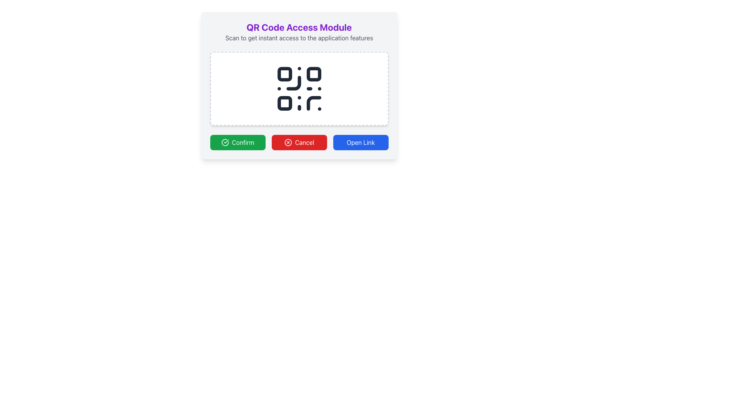  I want to click on informational text block titled 'QR Code Access Module' that has a subtitle 'Scan to get instant access to the application features.', so click(299, 32).